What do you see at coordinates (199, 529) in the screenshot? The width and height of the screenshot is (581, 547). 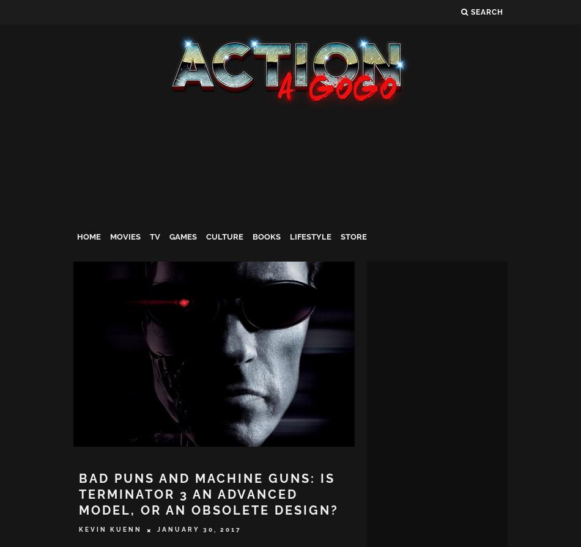 I see `'January 30, 2017'` at bounding box center [199, 529].